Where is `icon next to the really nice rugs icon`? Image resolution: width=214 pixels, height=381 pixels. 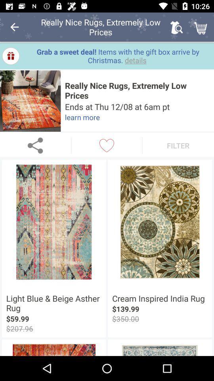
icon next to the really nice rugs icon is located at coordinates (176, 27).